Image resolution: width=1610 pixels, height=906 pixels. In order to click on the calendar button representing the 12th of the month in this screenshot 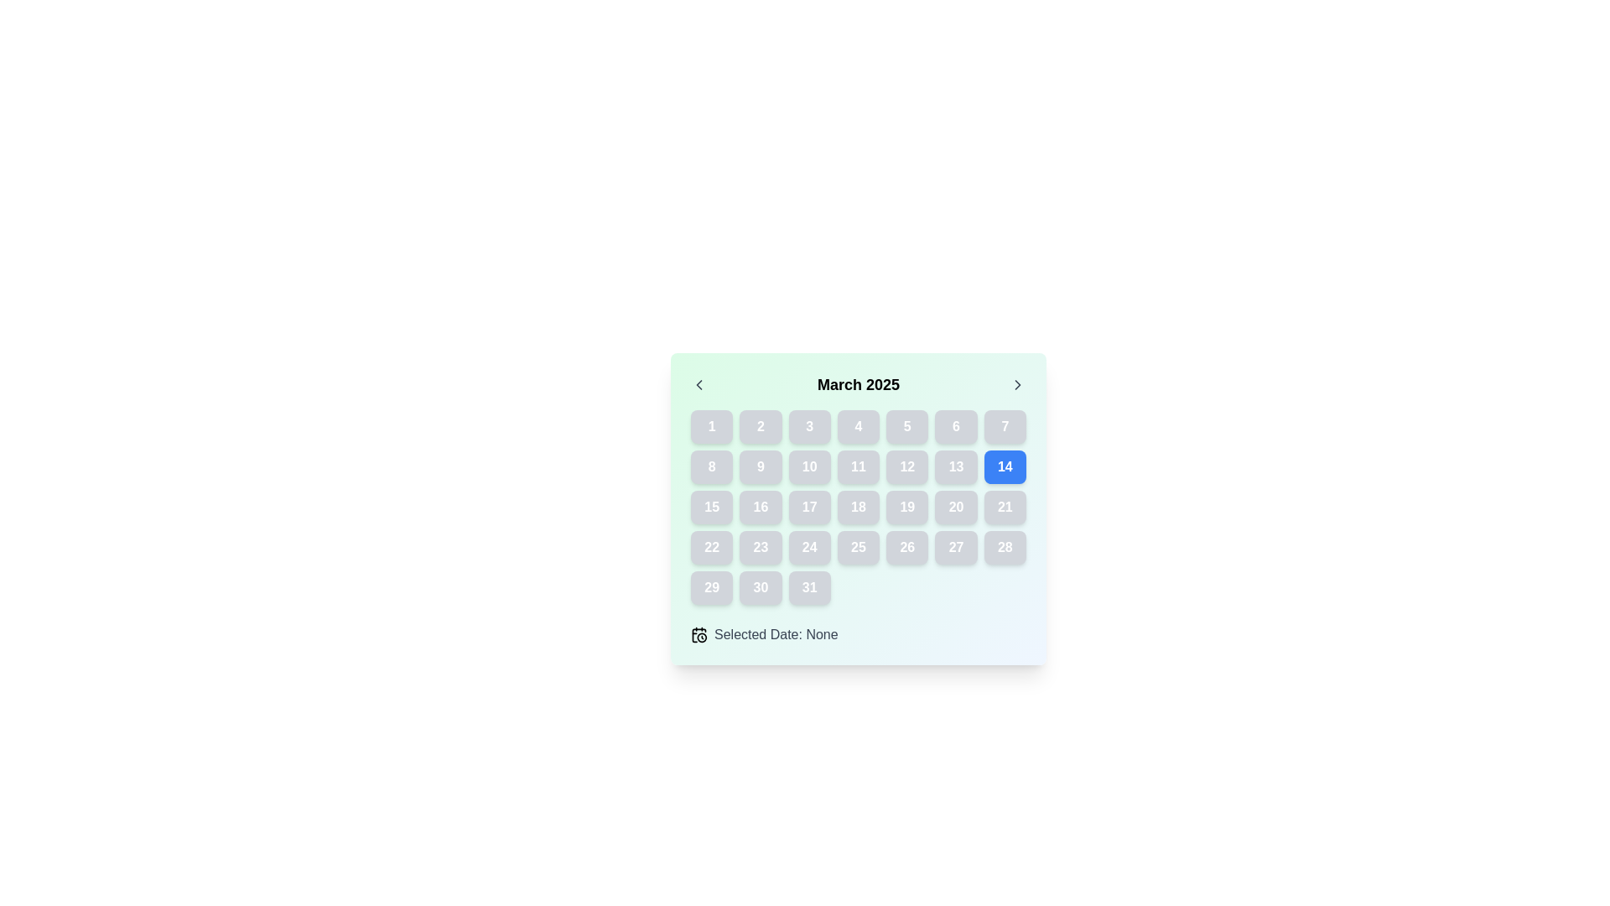, I will do `click(906, 466)`.